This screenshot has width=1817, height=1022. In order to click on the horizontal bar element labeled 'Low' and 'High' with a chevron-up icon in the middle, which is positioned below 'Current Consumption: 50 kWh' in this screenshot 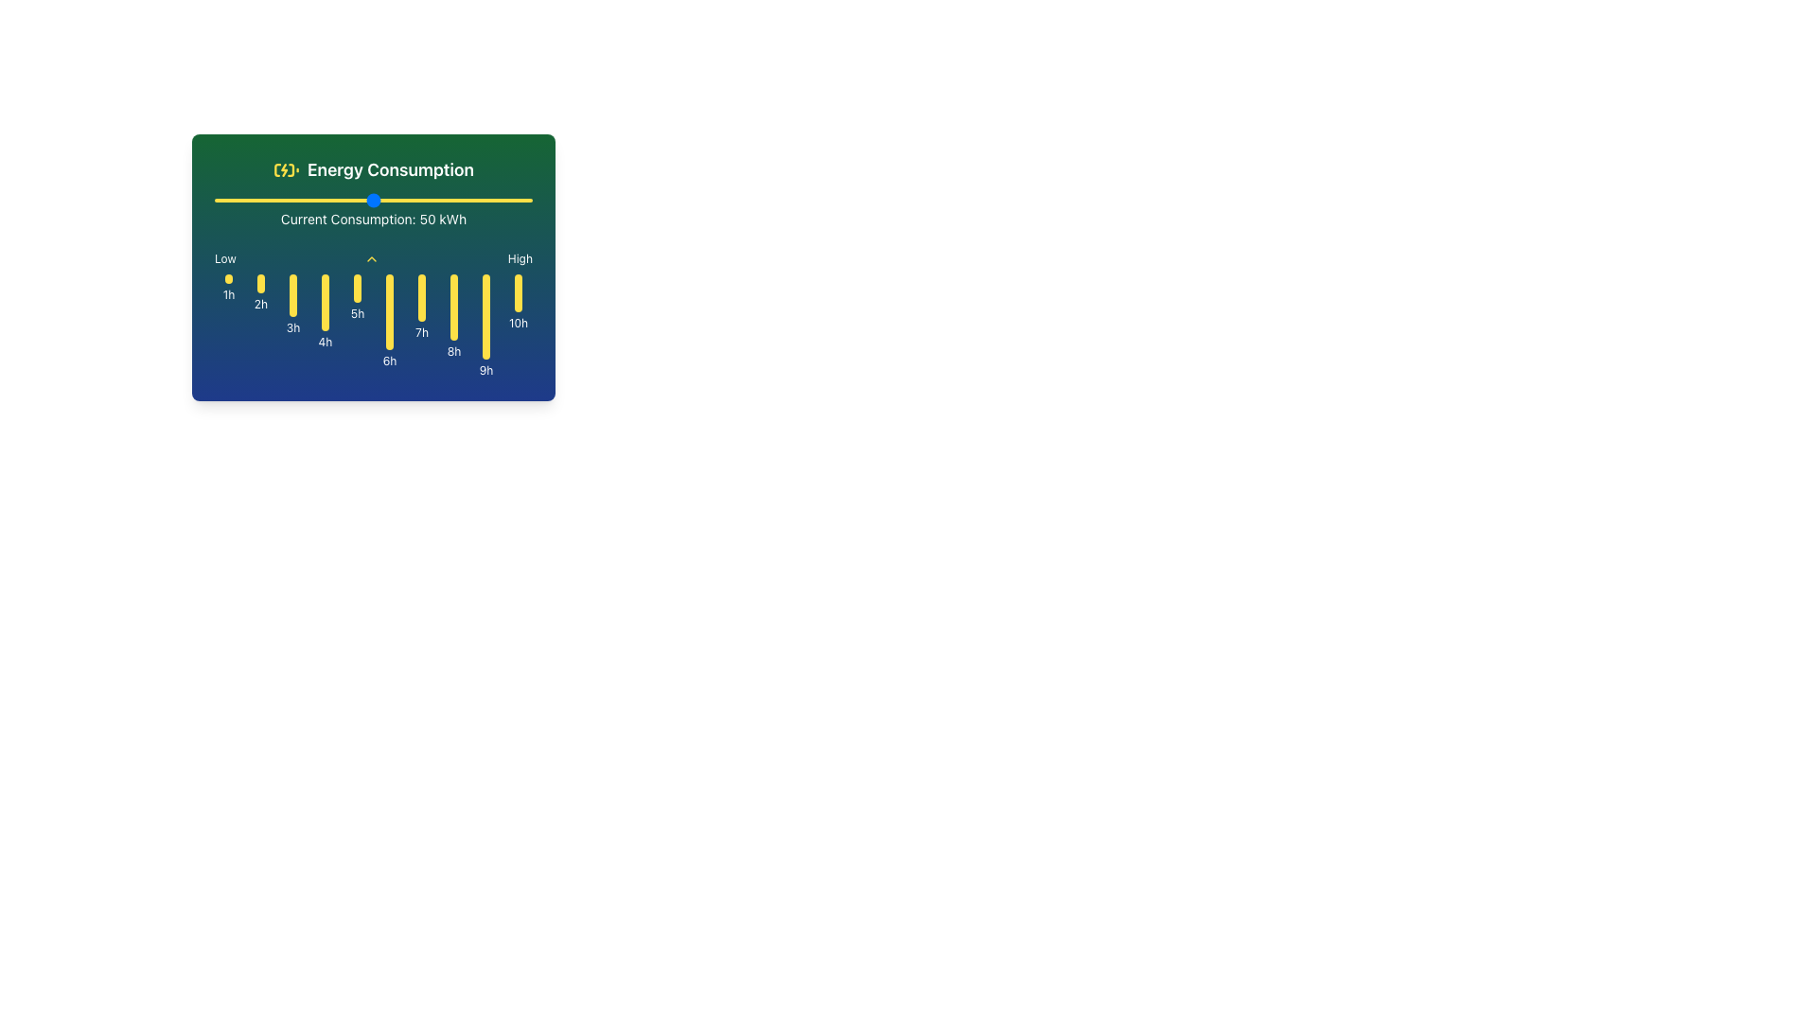, I will do `click(373, 258)`.